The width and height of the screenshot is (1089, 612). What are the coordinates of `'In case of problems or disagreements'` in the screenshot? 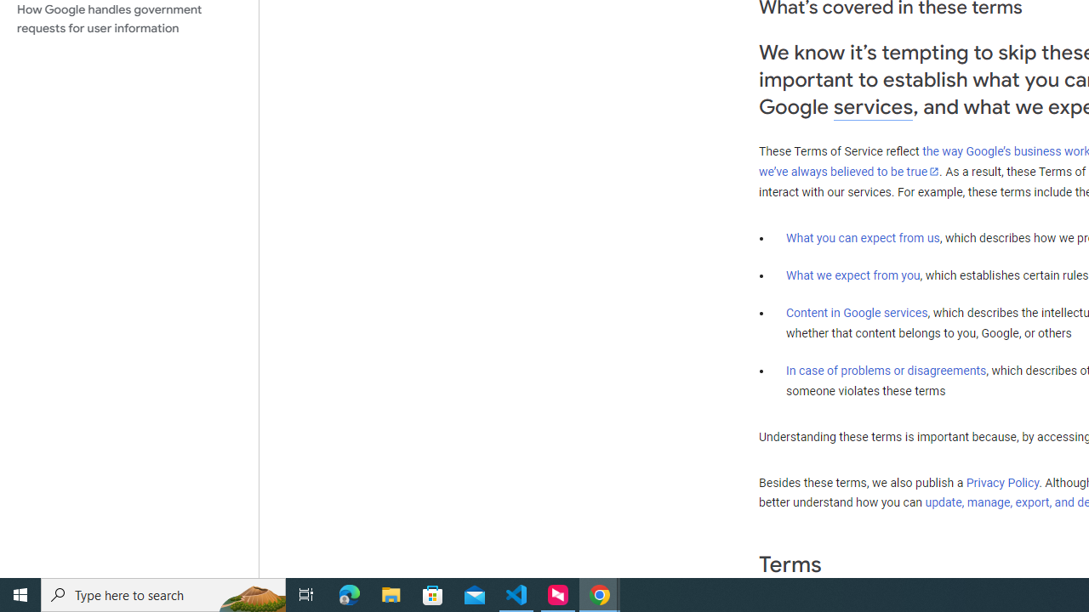 It's located at (885, 369).